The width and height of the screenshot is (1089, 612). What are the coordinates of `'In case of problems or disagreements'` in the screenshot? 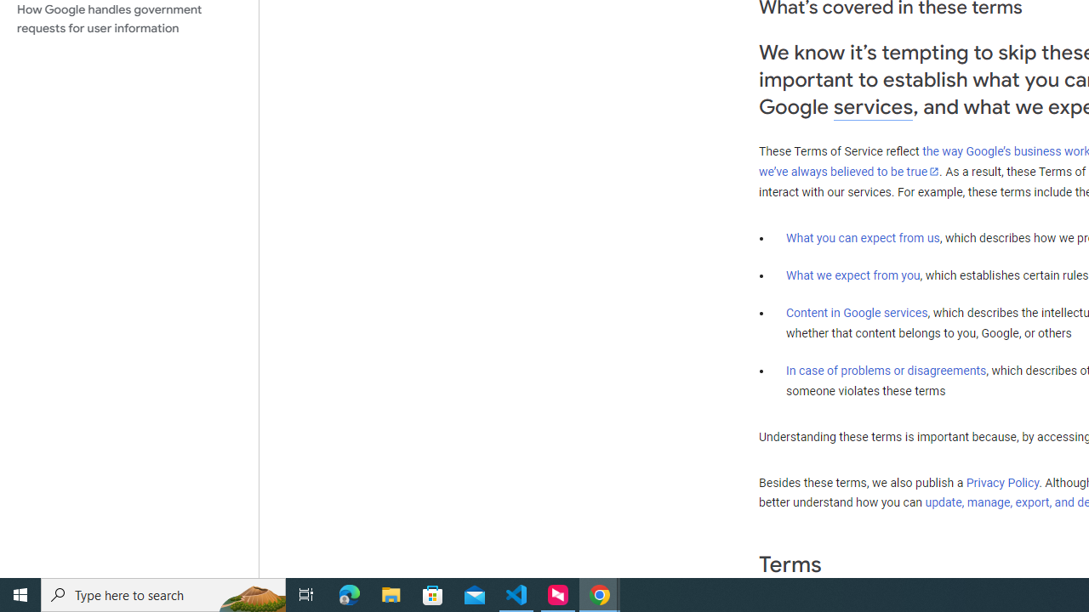 It's located at (885, 369).